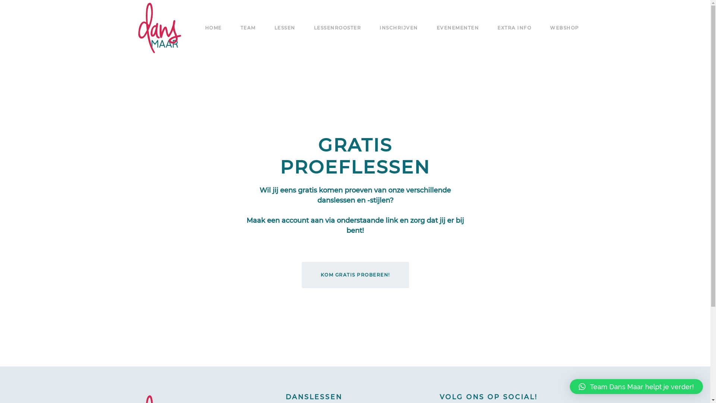 The width and height of the screenshot is (716, 403). What do you see at coordinates (398, 27) in the screenshot?
I see `'INSCHRIJVEN'` at bounding box center [398, 27].